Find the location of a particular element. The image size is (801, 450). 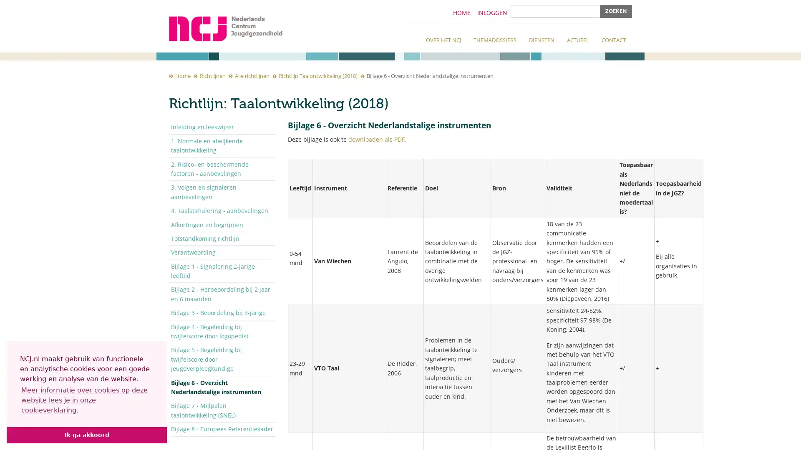

ZOEKEN is located at coordinates (616, 11).